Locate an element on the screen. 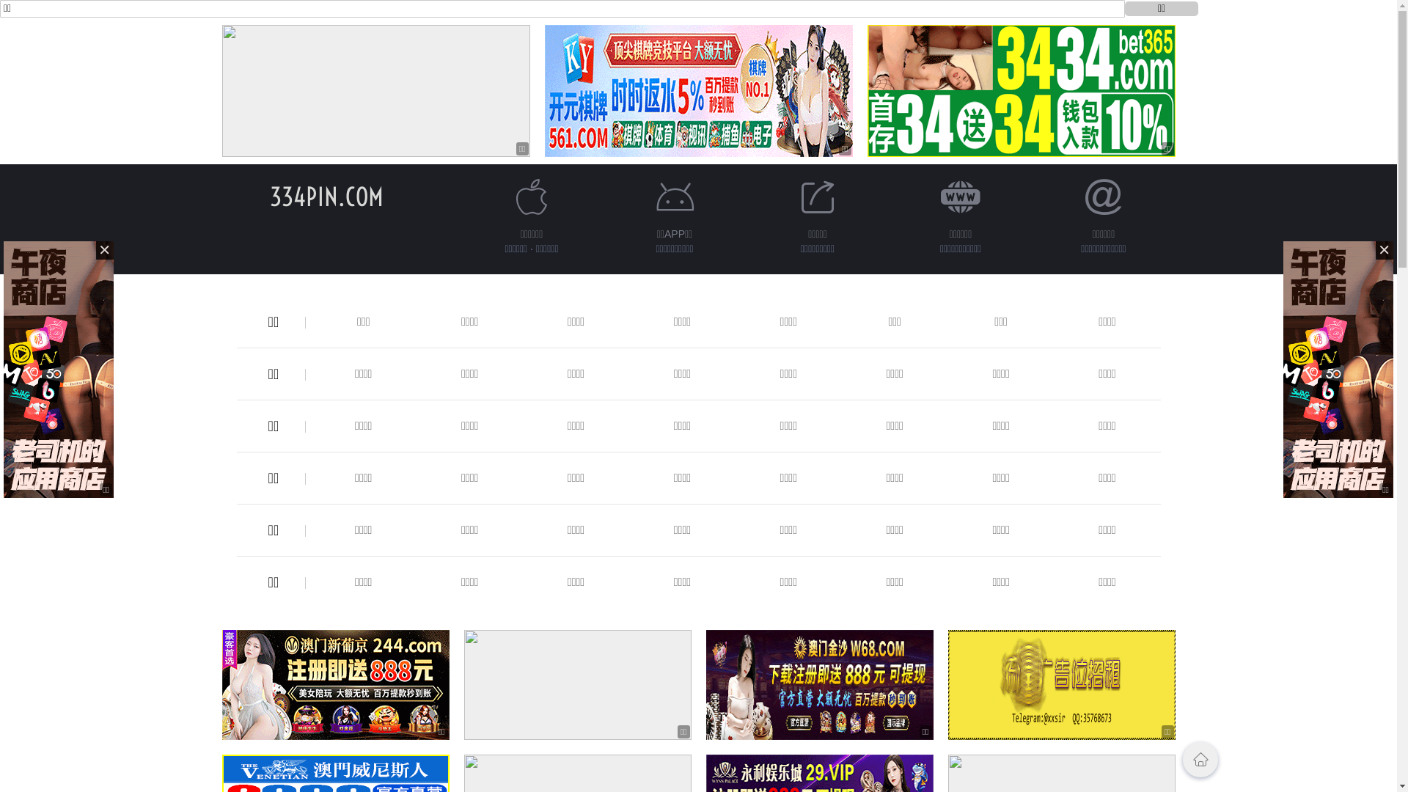 The width and height of the screenshot is (1408, 792). '334PIN.COM' is located at coordinates (326, 196).